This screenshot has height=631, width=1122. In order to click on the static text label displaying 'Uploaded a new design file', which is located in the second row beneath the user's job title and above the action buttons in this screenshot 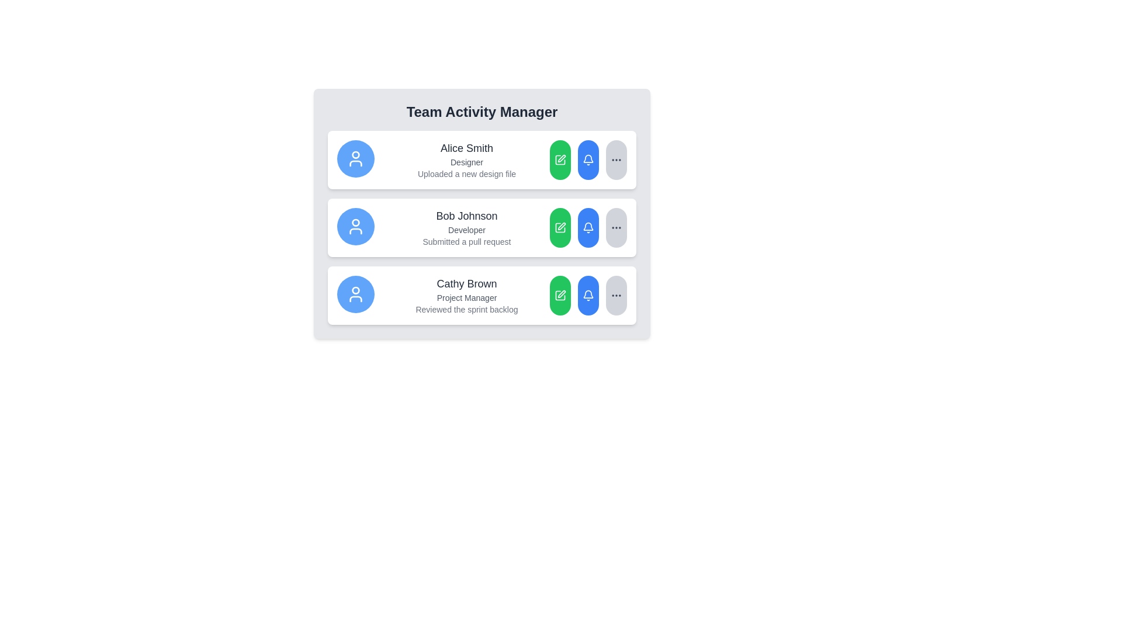, I will do `click(466, 174)`.